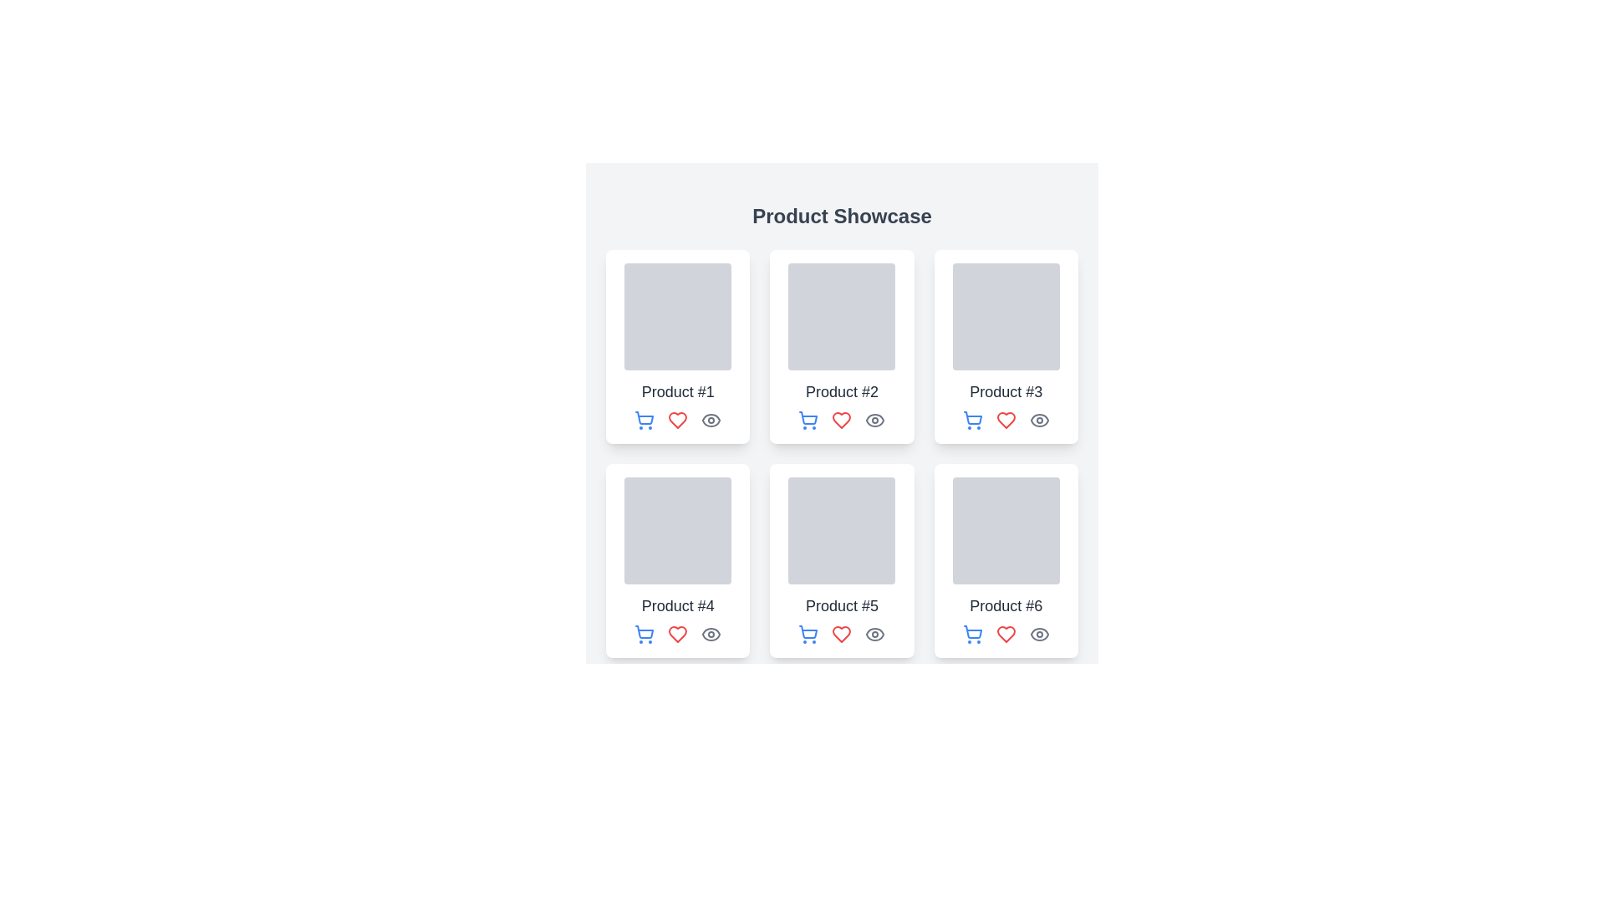 This screenshot has width=1605, height=903. I want to click on the favorite button located under 'Product #4' to mark the product as a favorite or un-favorite it, so click(678, 635).